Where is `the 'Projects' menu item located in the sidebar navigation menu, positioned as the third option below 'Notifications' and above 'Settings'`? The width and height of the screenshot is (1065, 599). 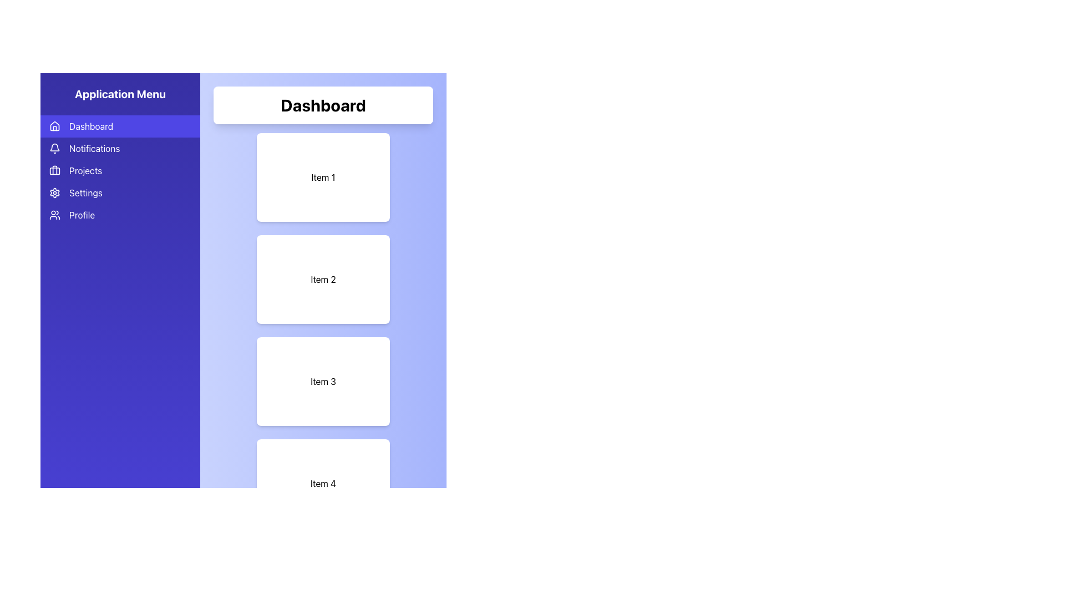
the 'Projects' menu item located in the sidebar navigation menu, positioned as the third option below 'Notifications' and above 'Settings' is located at coordinates (120, 171).